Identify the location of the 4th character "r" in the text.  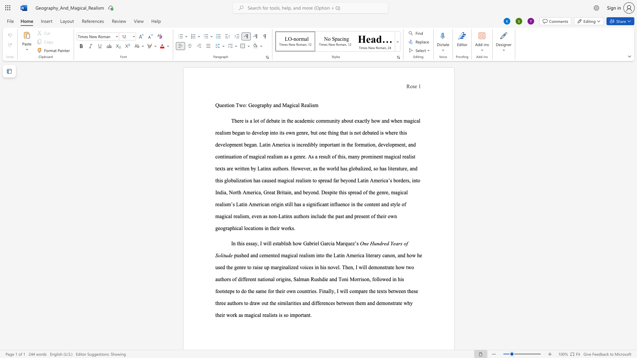
(301, 315).